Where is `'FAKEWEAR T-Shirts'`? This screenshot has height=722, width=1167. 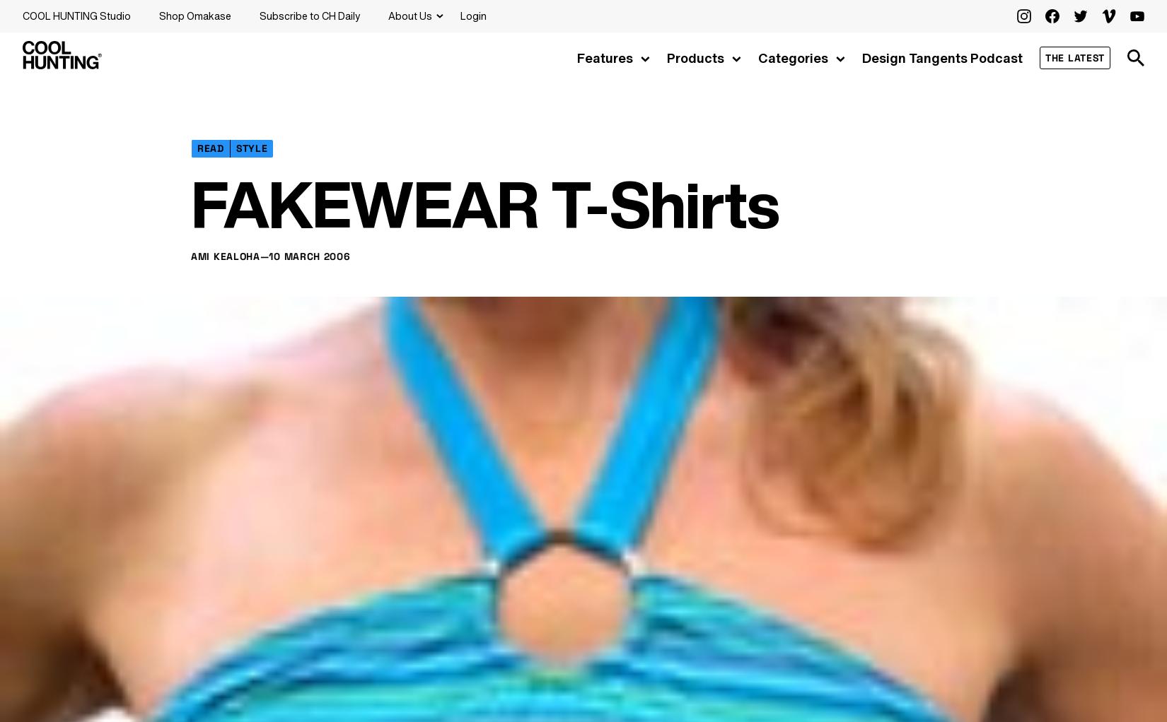
'FAKEWEAR T-Shirts' is located at coordinates (484, 203).